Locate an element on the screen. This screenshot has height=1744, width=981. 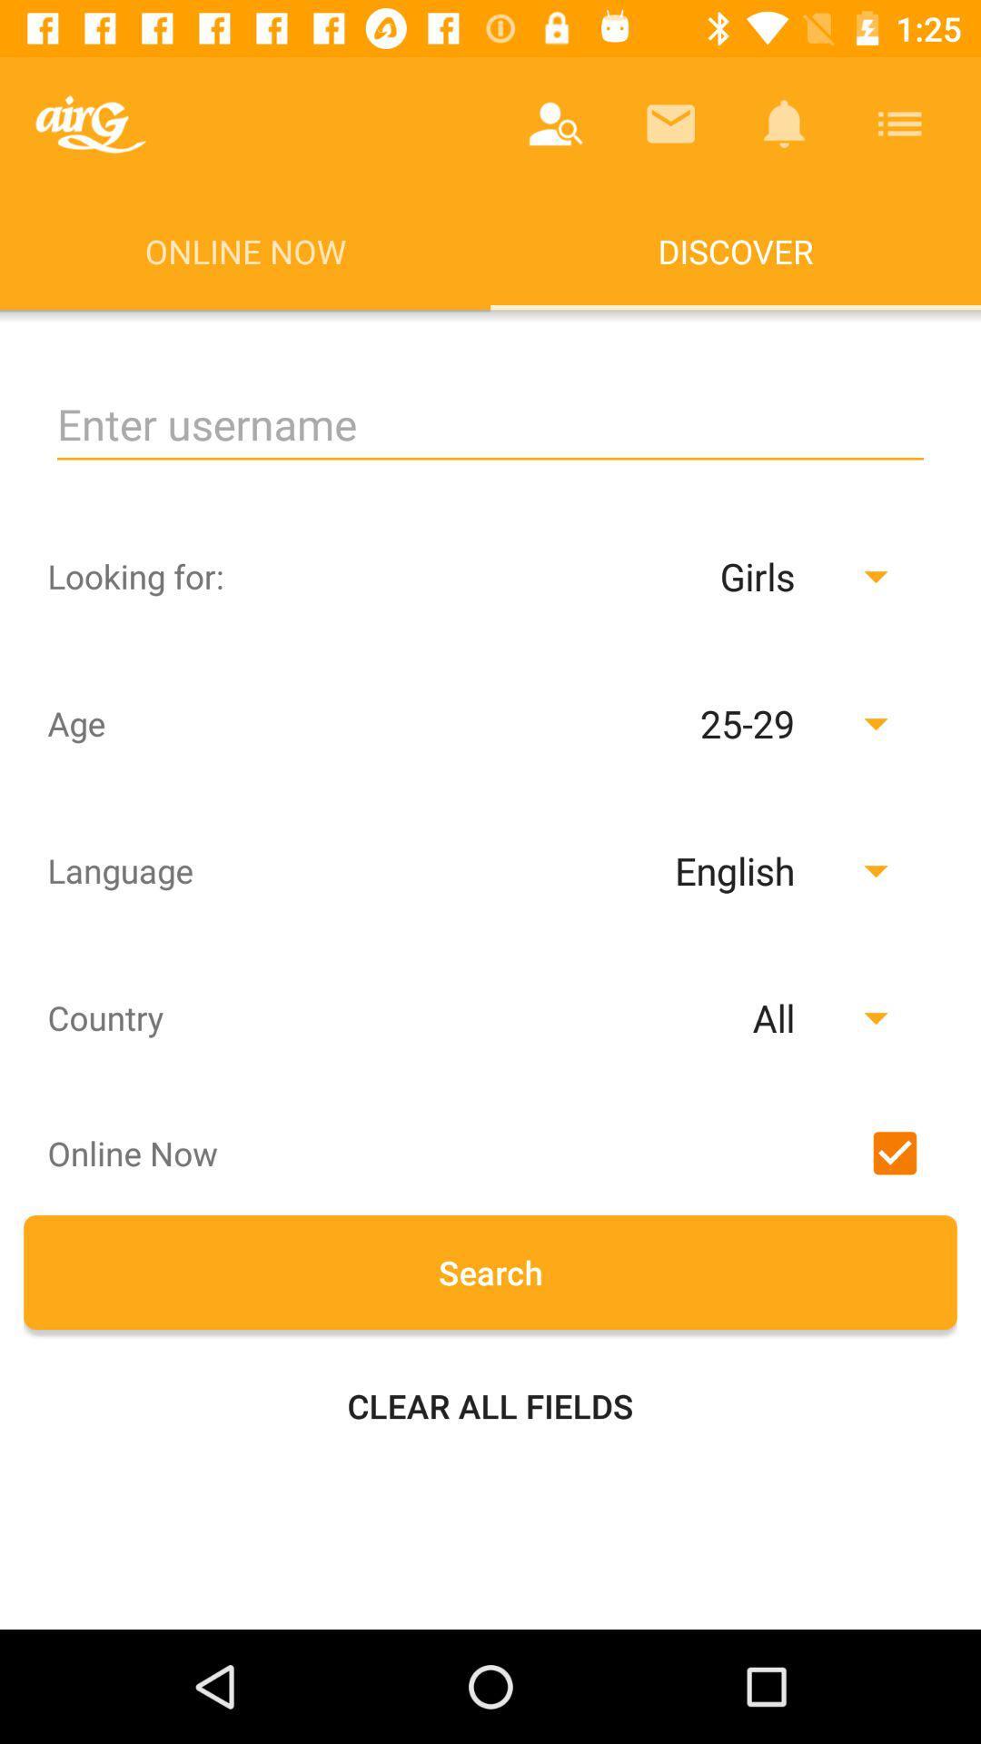
check box is located at coordinates (894, 1152).